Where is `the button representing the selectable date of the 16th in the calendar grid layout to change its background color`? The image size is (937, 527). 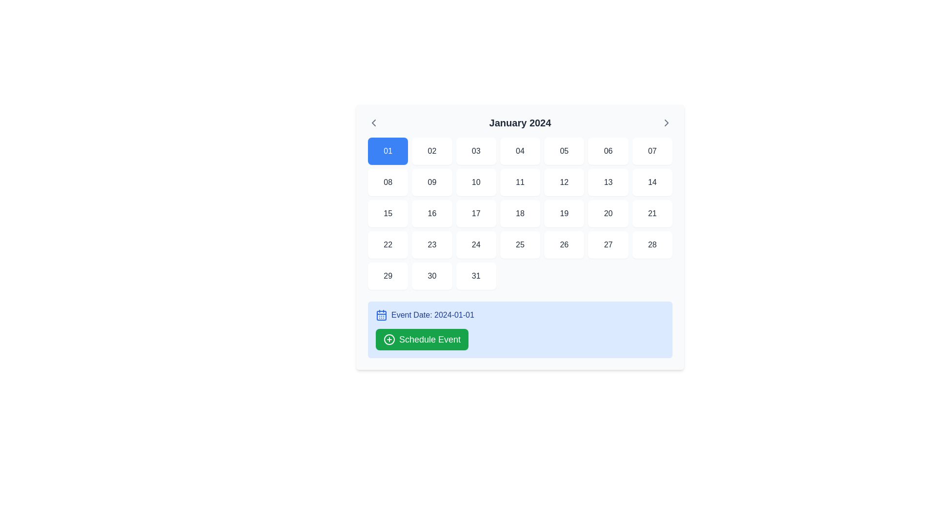 the button representing the selectable date of the 16th in the calendar grid layout to change its background color is located at coordinates (431, 213).